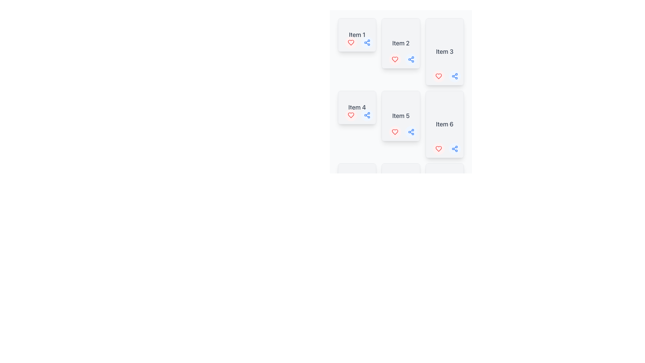 The width and height of the screenshot is (645, 363). I want to click on the circular light blue button with a network/share icon to share, so click(411, 59).